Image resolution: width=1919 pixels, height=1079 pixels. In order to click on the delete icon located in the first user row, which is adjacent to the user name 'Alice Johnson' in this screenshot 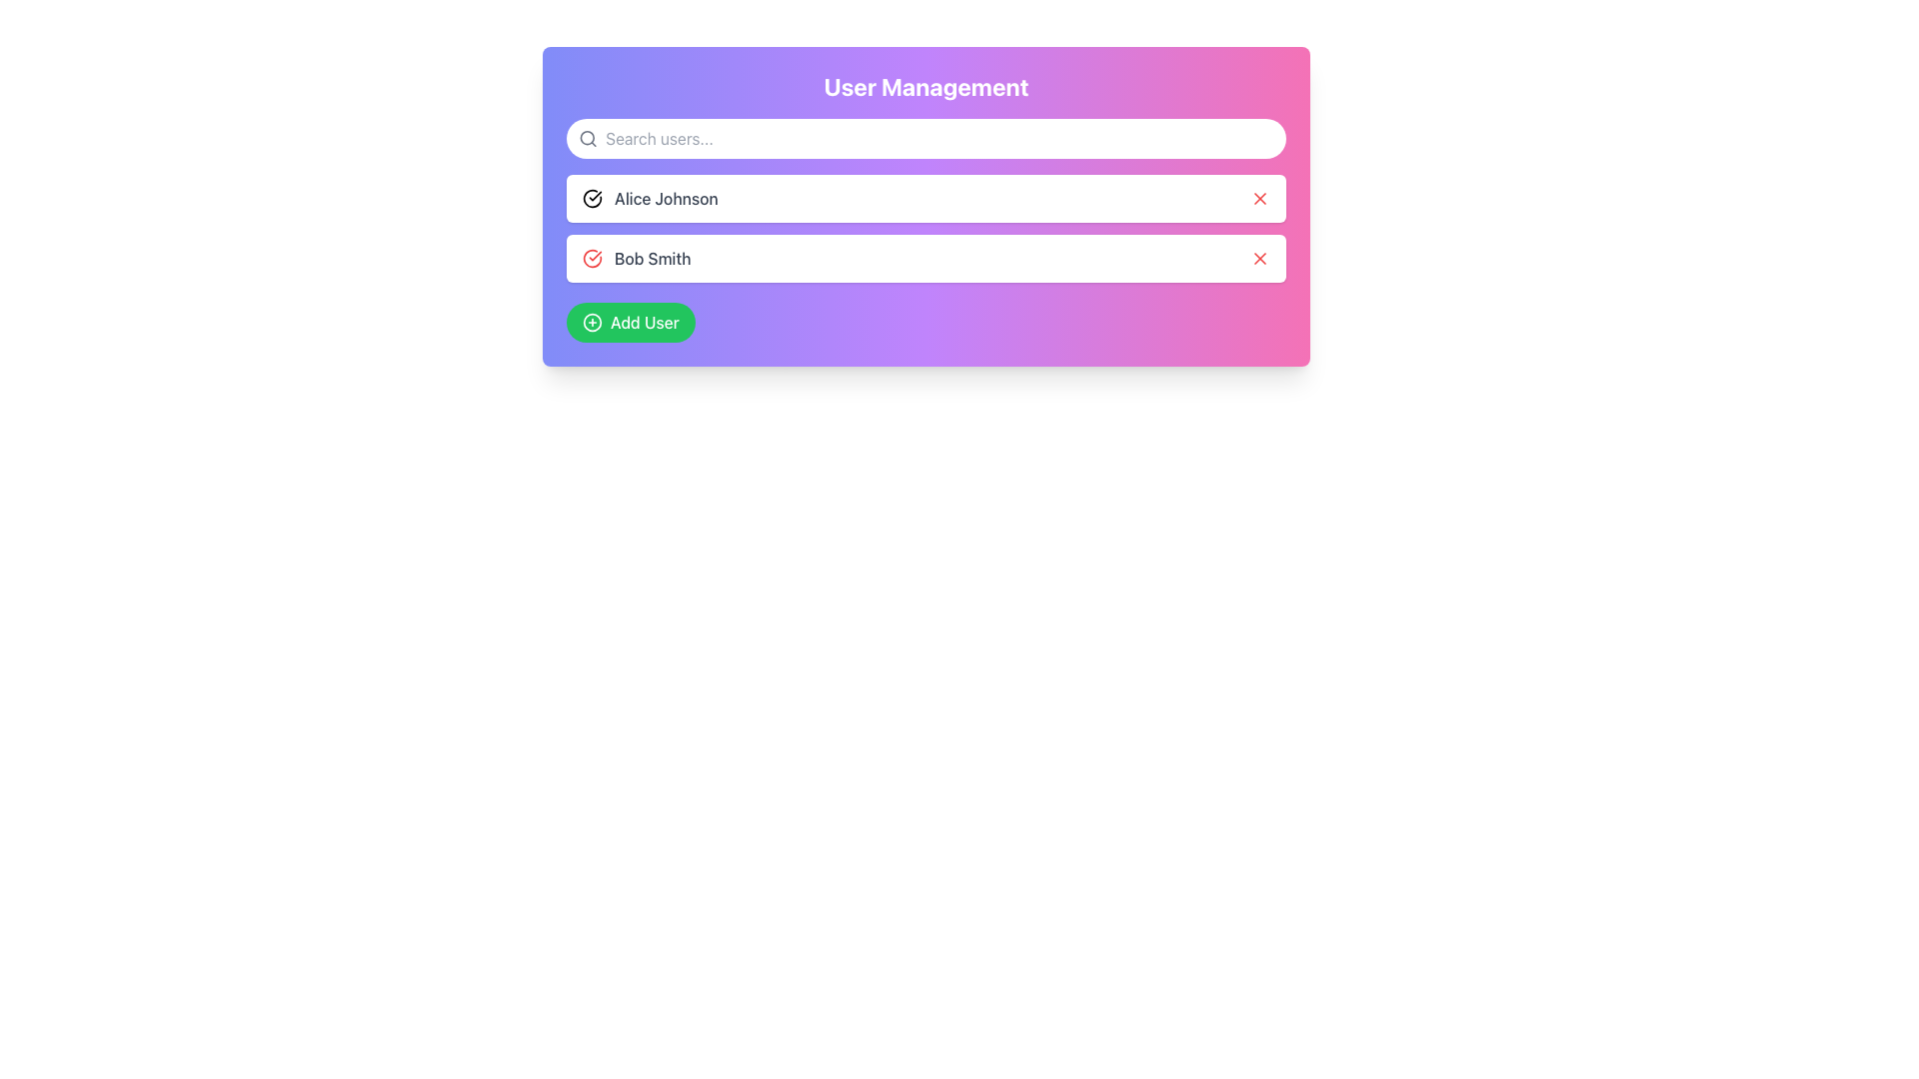, I will do `click(1259, 199)`.